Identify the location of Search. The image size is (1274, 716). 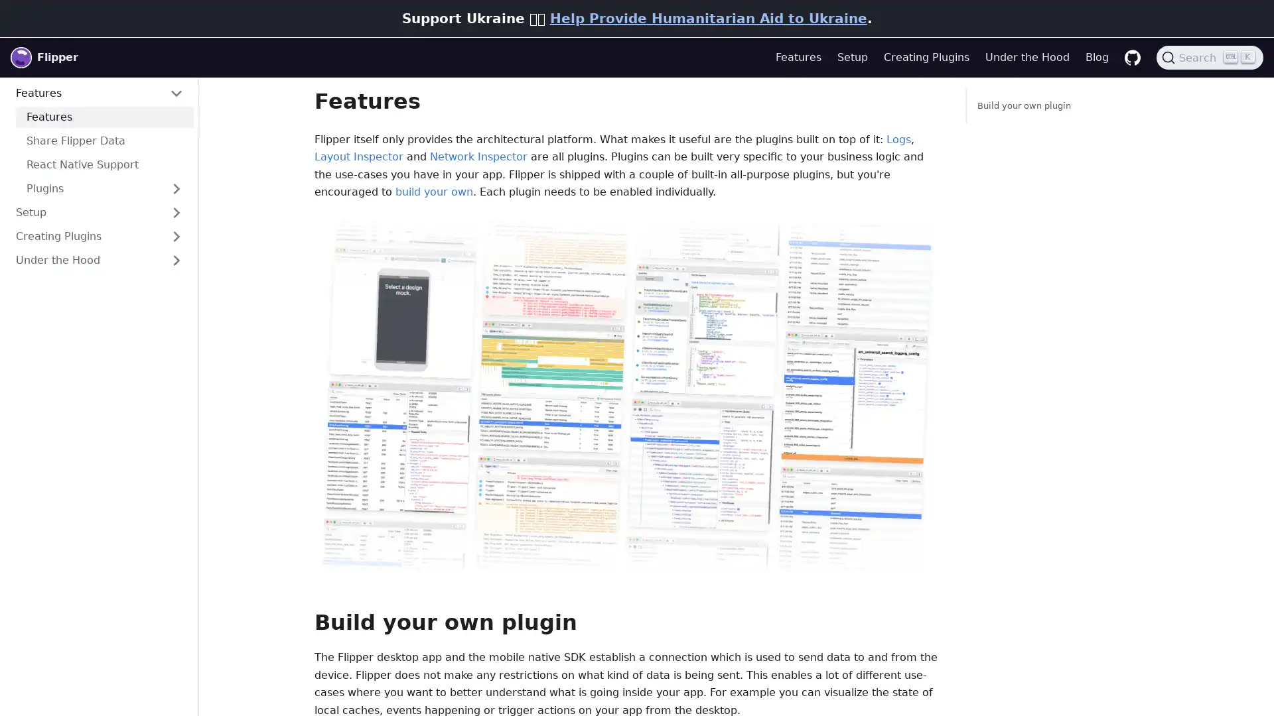
(1210, 57).